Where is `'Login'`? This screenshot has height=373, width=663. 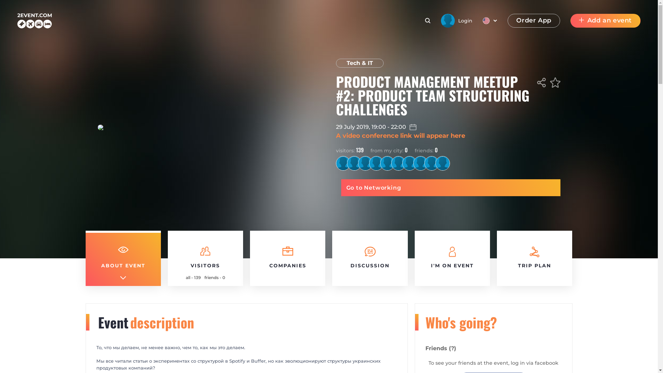
'Login' is located at coordinates (457, 20).